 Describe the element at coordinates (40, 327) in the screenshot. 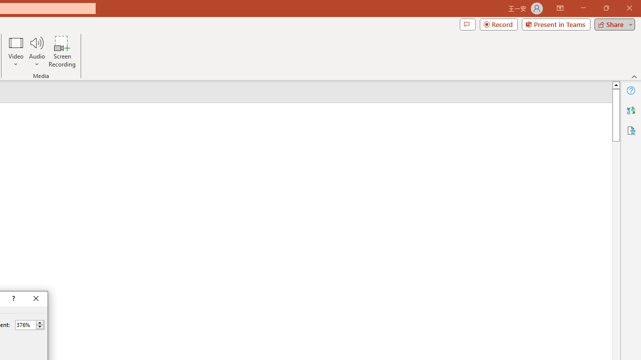

I see `'Less'` at that location.